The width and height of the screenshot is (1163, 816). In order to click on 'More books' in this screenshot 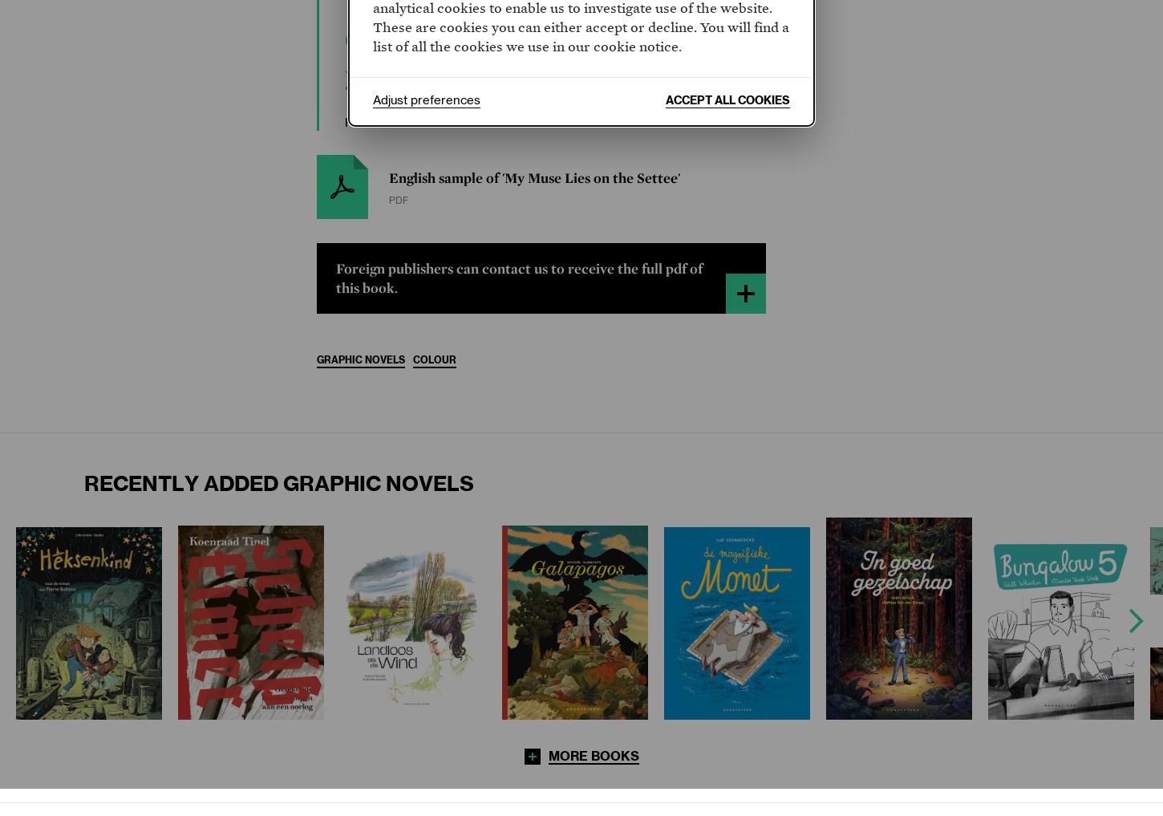, I will do `click(593, 755)`.